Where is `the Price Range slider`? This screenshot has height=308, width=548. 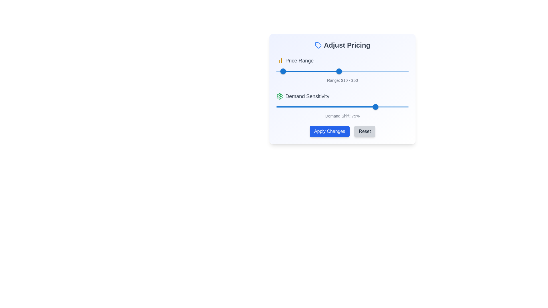
the Price Range slider is located at coordinates (340, 71).